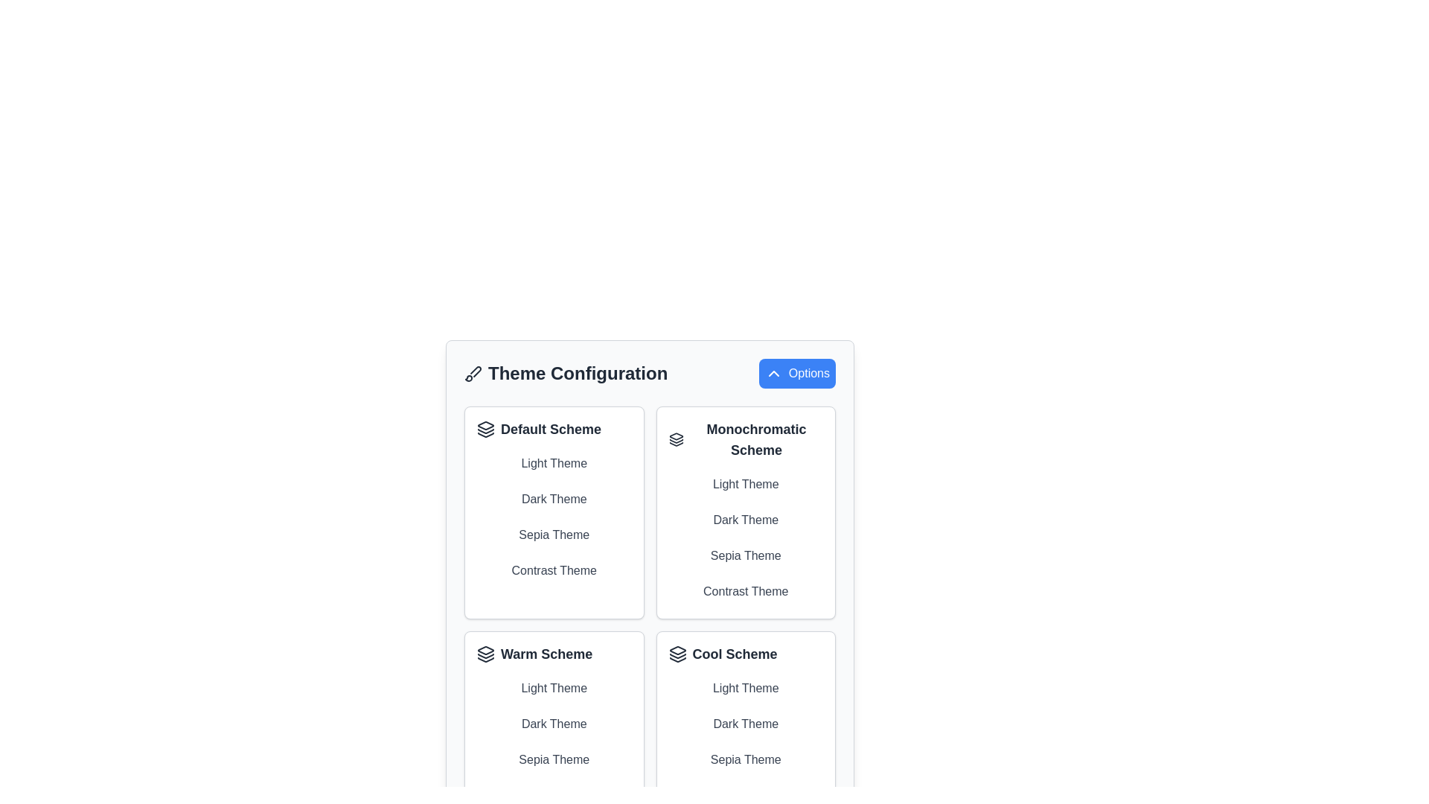  I want to click on the 'Sepia Theme' text label, so click(746, 556).